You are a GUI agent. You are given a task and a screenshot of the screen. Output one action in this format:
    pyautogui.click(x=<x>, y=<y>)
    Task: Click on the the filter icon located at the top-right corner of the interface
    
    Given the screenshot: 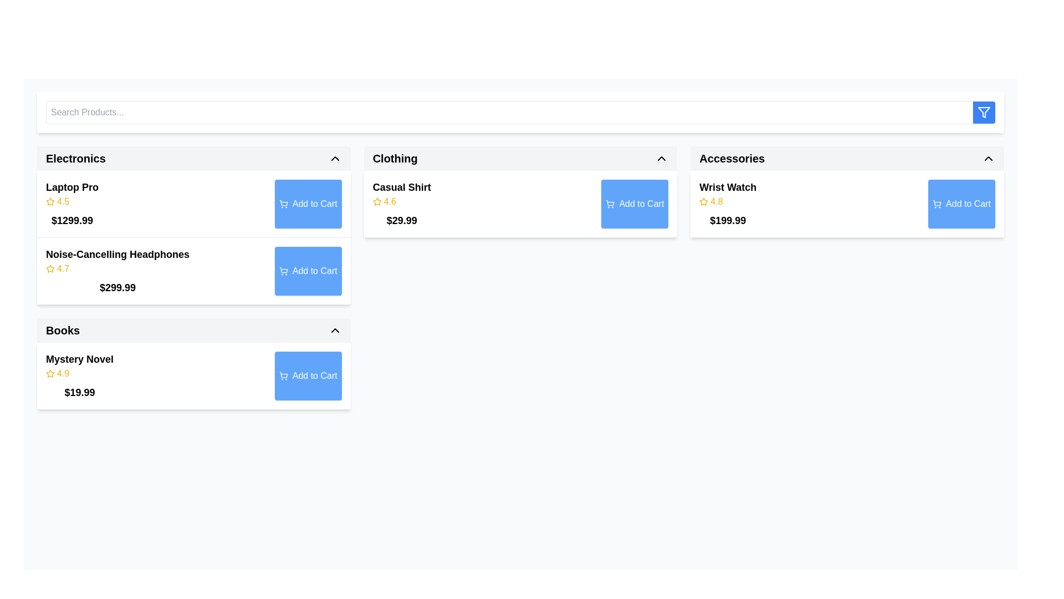 What is the action you would take?
    pyautogui.click(x=984, y=113)
    